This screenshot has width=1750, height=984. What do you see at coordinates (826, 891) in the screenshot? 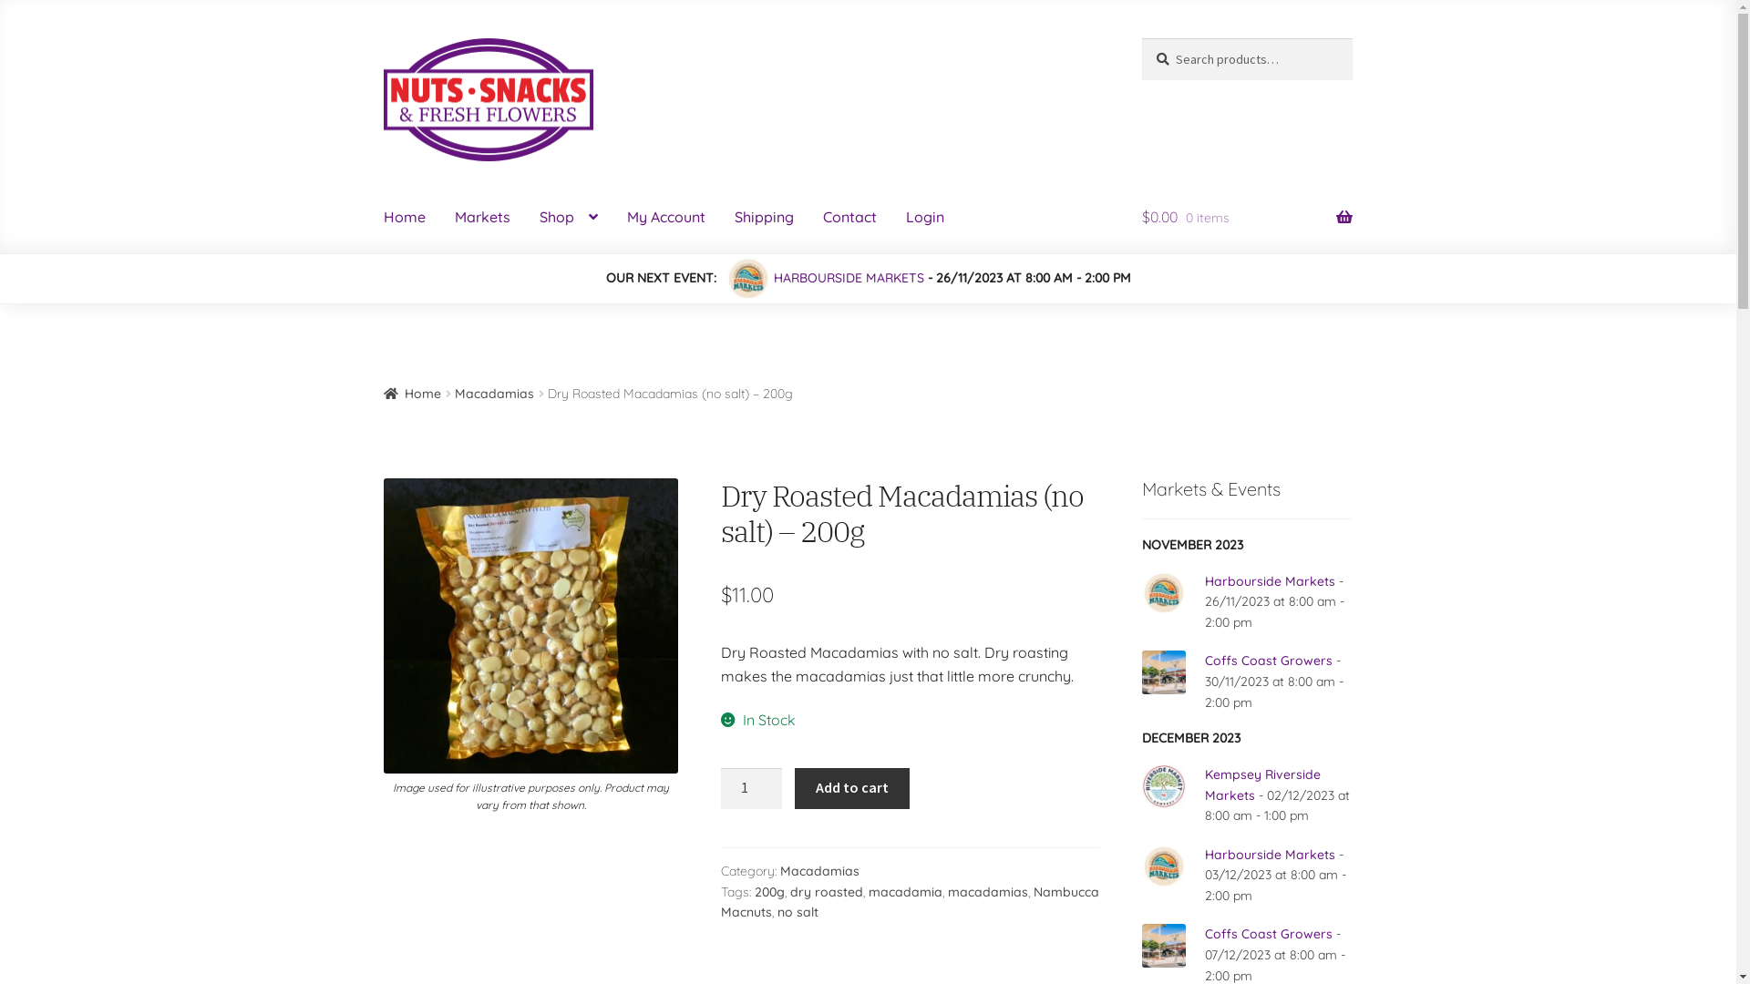
I see `'dry roasted'` at bounding box center [826, 891].